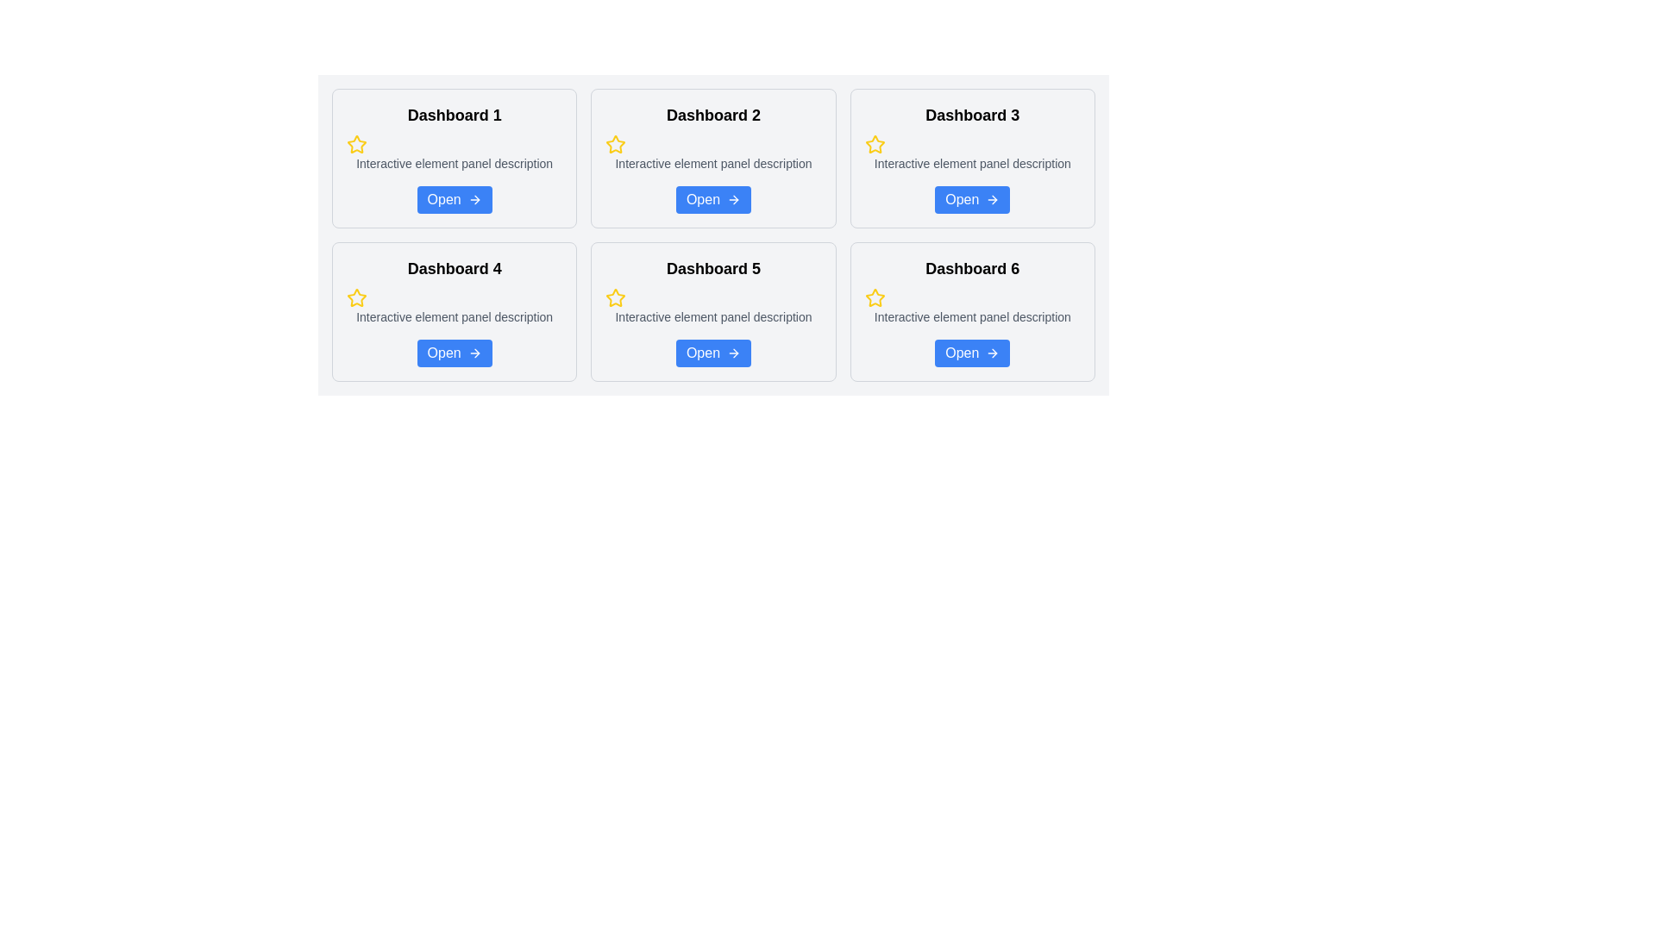  What do you see at coordinates (994, 352) in the screenshot?
I see `the rightmost arrow icon in the button labeled 'Dashboard 6' located in the bottom-right corner of the grid layout` at bounding box center [994, 352].